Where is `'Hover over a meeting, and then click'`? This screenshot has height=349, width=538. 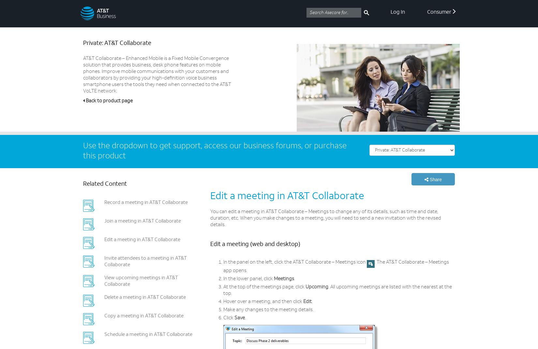 'Hover over a meeting, and then click' is located at coordinates (223, 301).